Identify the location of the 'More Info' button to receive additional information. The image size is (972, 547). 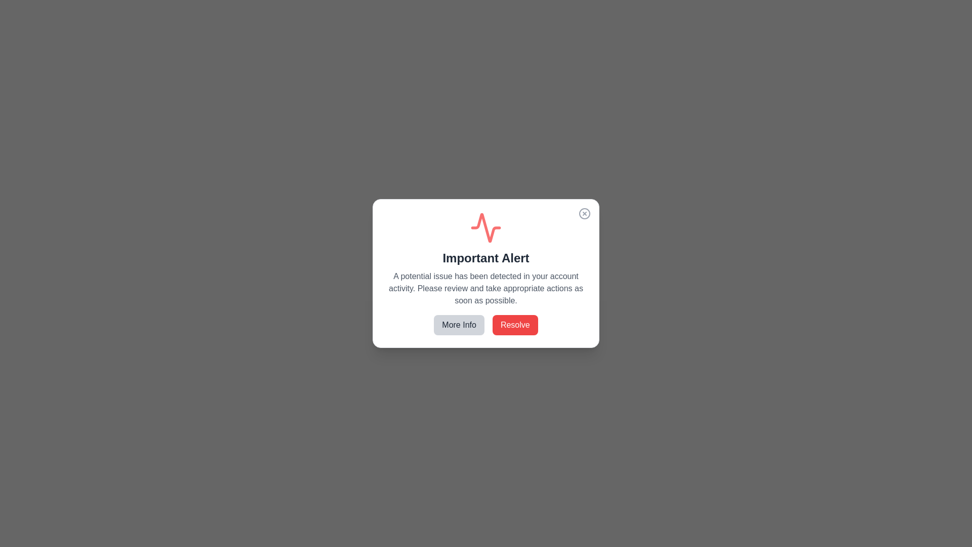
(459, 325).